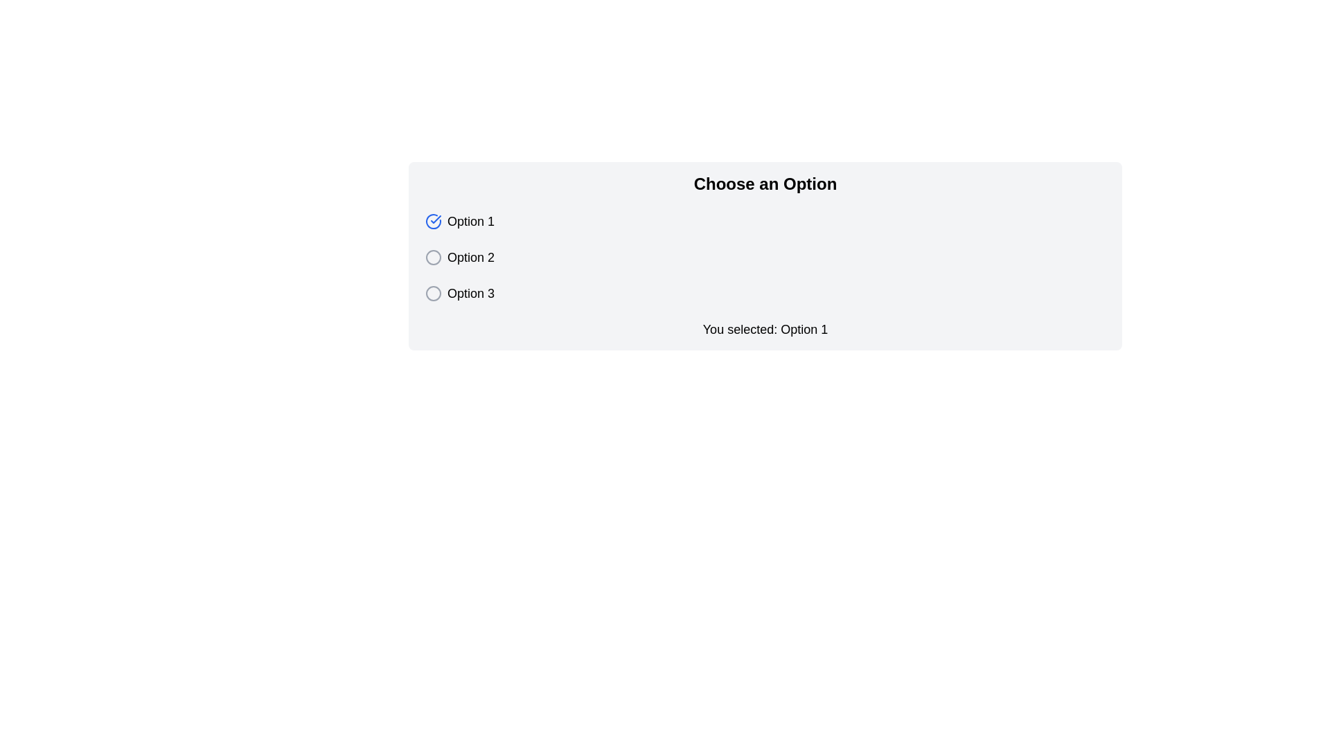  I want to click on text label for Option 3, which is located to the right of the radio button in a vertical list of selectable options, so click(471, 293).